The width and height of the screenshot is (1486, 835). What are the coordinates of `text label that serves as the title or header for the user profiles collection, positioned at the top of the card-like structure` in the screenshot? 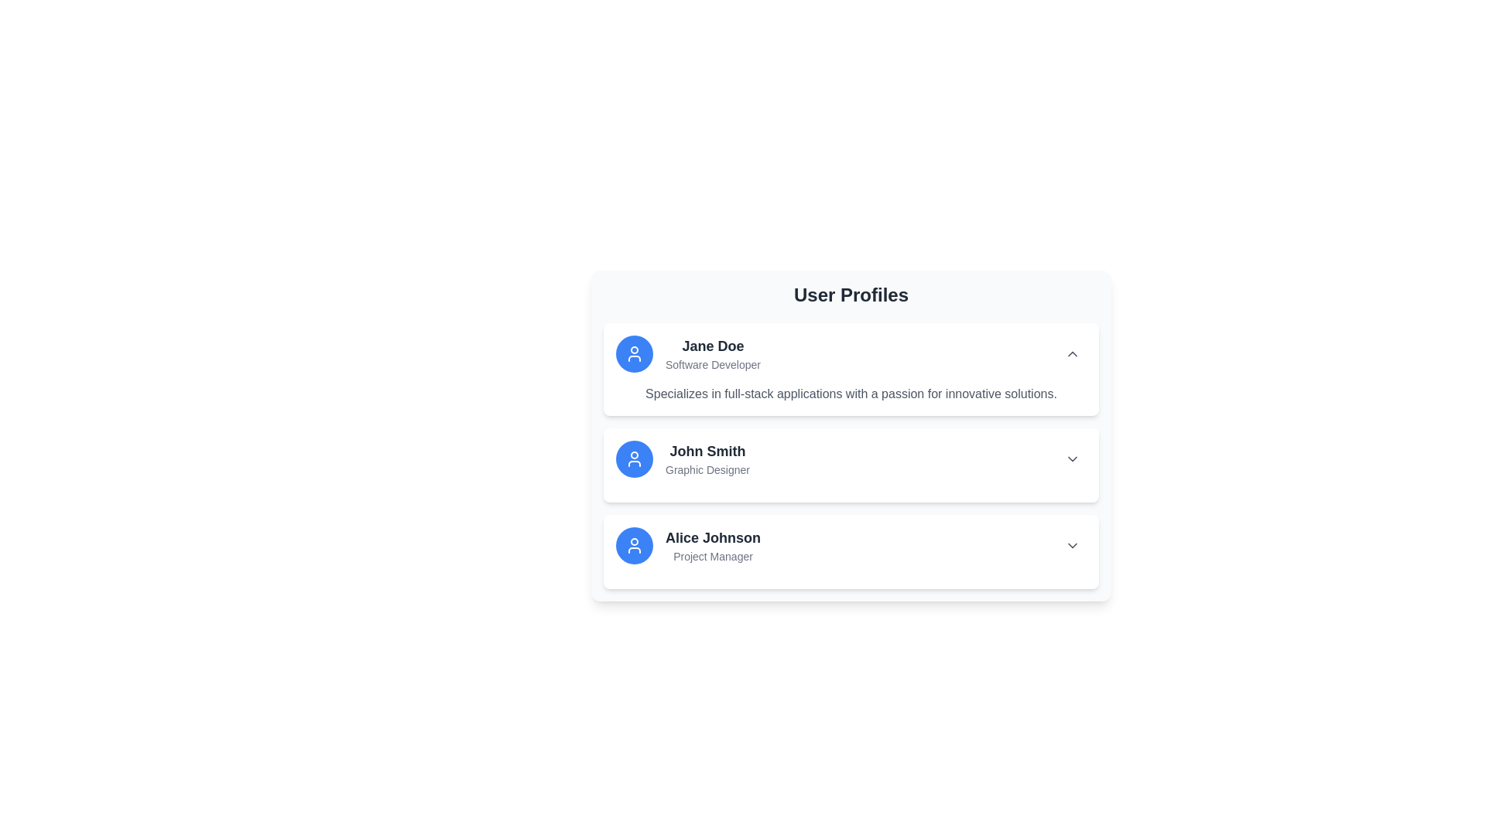 It's located at (850, 295).